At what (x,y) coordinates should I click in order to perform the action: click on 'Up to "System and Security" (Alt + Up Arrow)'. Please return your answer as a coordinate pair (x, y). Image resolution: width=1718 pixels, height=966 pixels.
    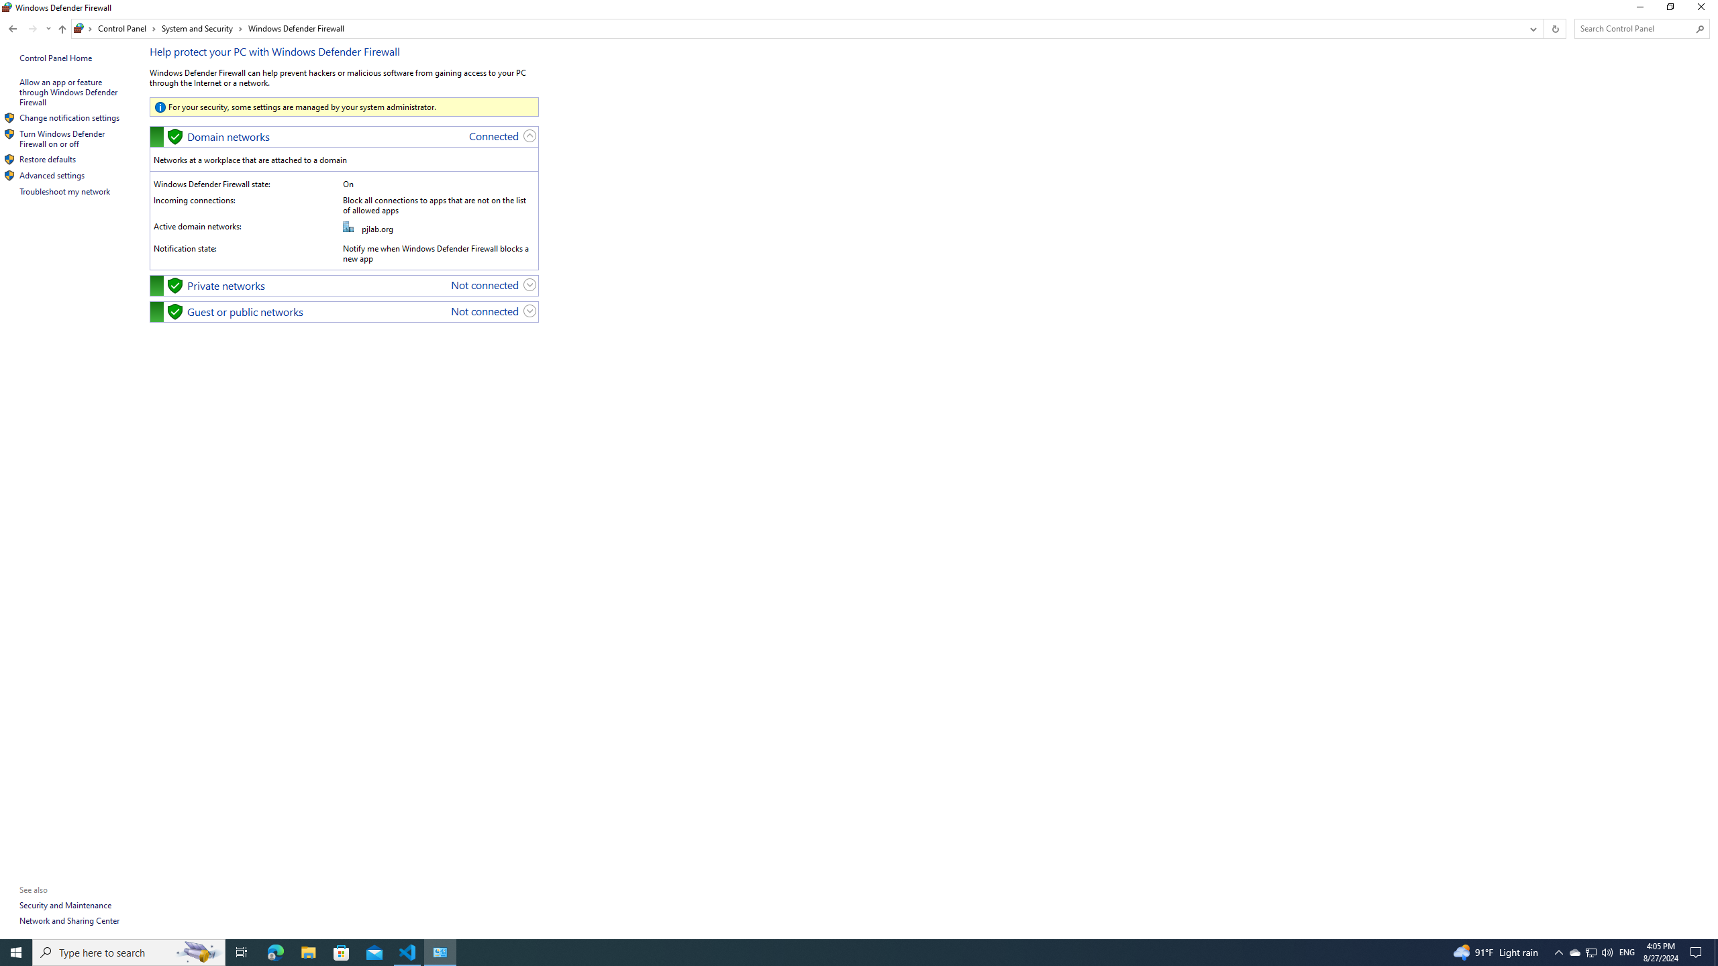
    Looking at the image, I should click on (62, 28).